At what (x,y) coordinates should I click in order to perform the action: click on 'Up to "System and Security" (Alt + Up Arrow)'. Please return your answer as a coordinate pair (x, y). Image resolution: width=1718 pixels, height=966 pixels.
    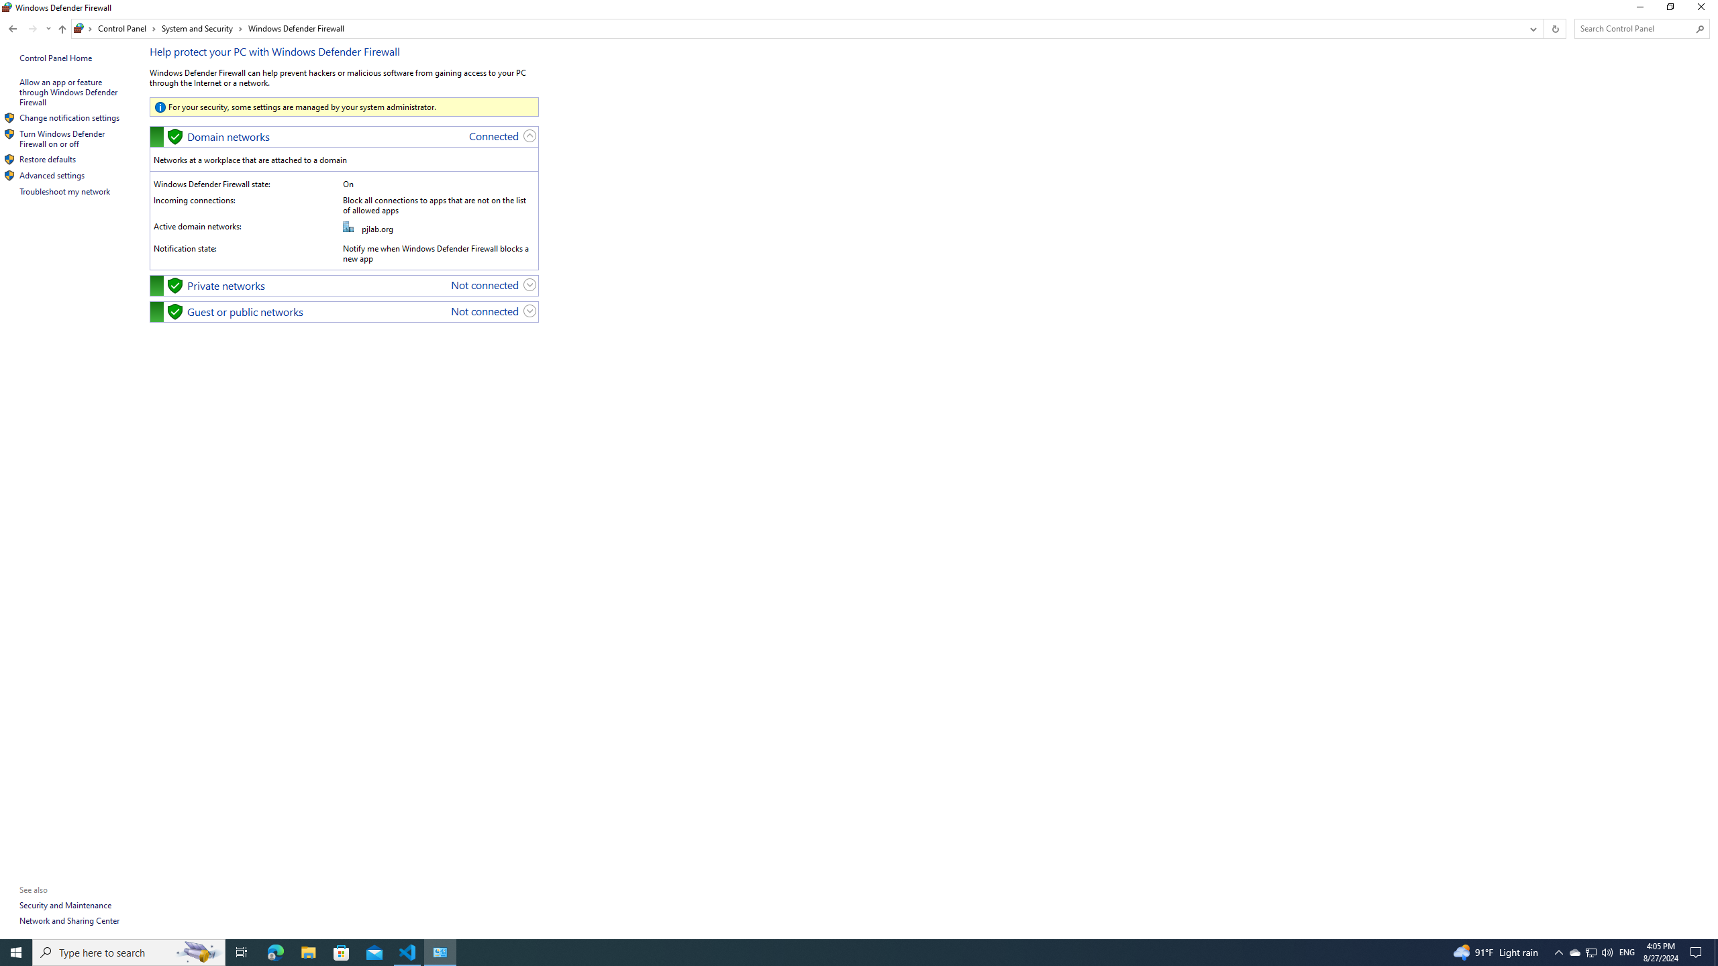
    Looking at the image, I should click on (62, 28).